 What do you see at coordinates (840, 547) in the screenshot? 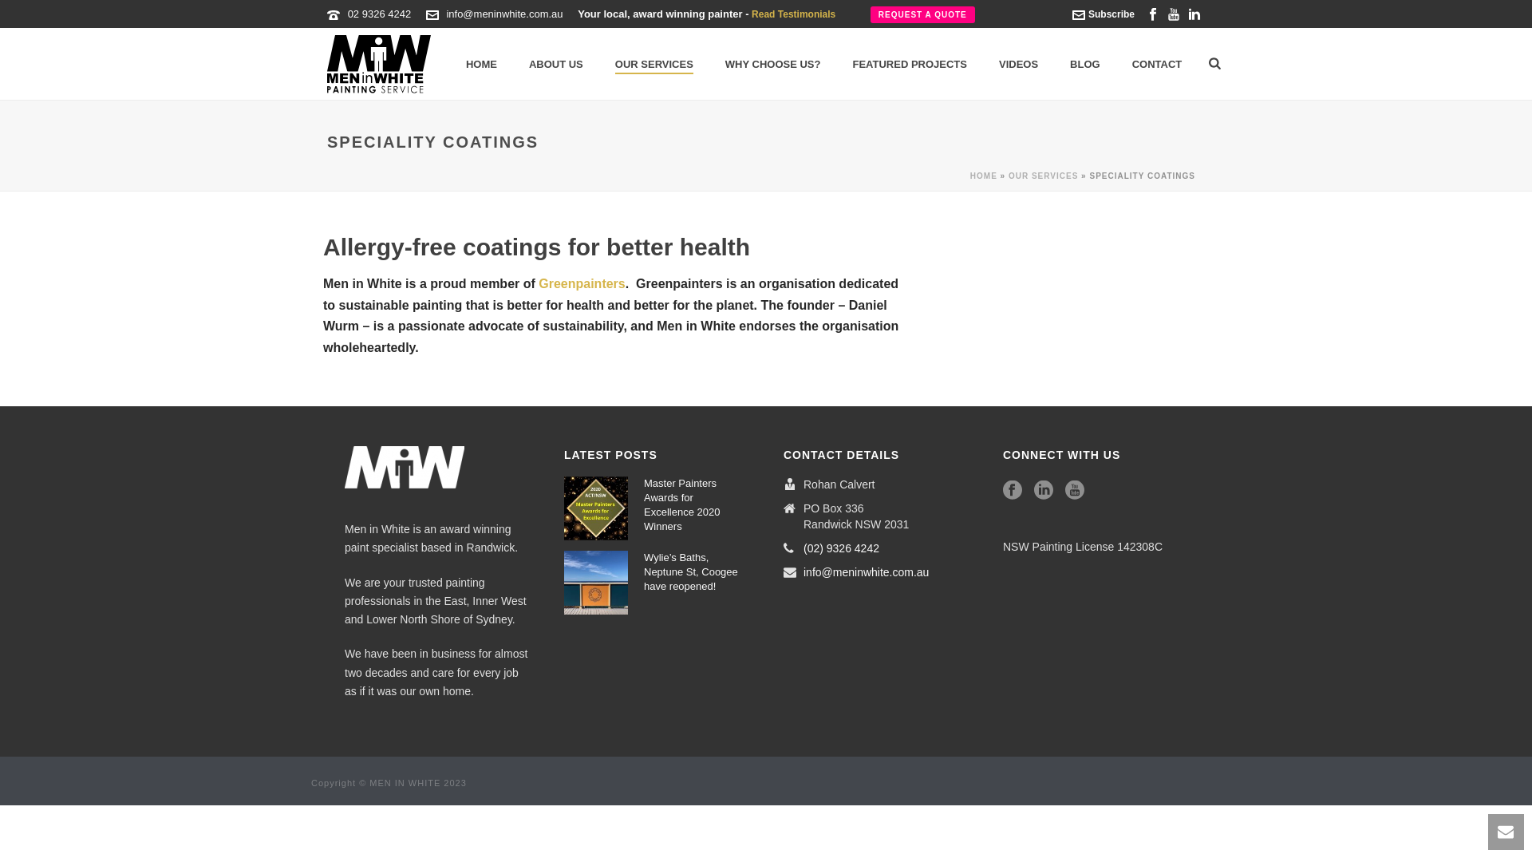
I see `'(02) 9326 4242'` at bounding box center [840, 547].